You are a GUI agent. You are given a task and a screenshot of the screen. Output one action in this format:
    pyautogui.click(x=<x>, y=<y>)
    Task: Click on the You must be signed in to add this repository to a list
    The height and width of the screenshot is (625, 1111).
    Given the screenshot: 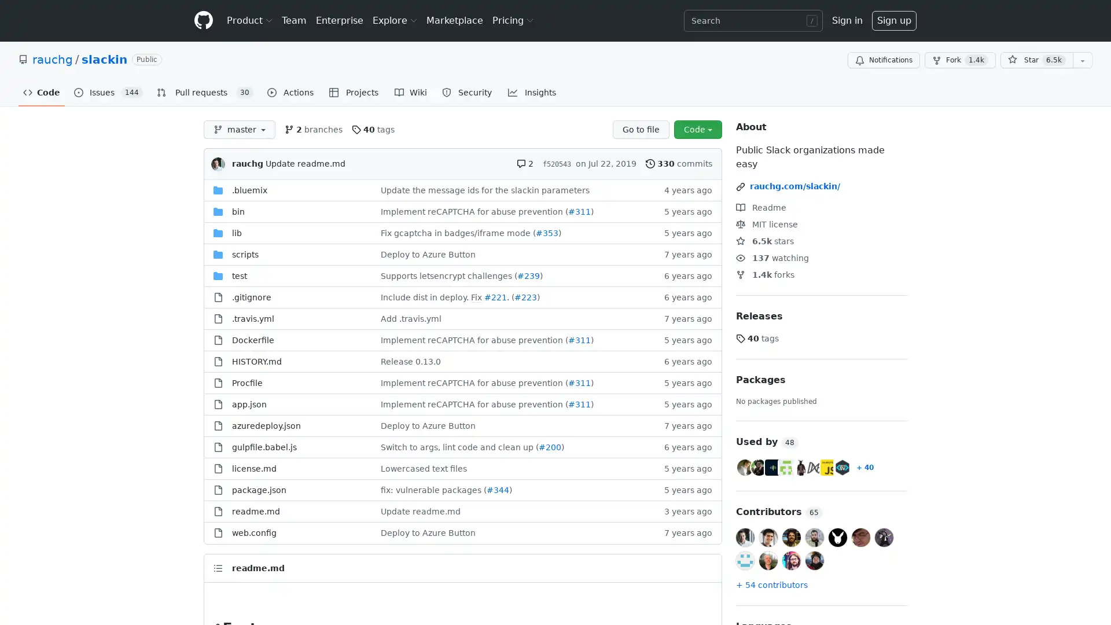 What is the action you would take?
    pyautogui.click(x=1082, y=60)
    